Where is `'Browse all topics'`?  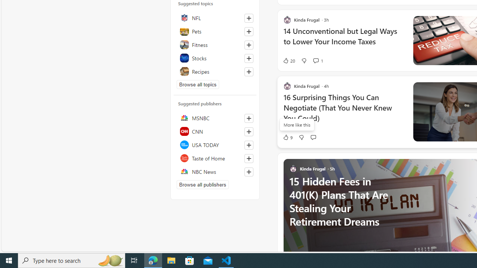
'Browse all topics' is located at coordinates (198, 84).